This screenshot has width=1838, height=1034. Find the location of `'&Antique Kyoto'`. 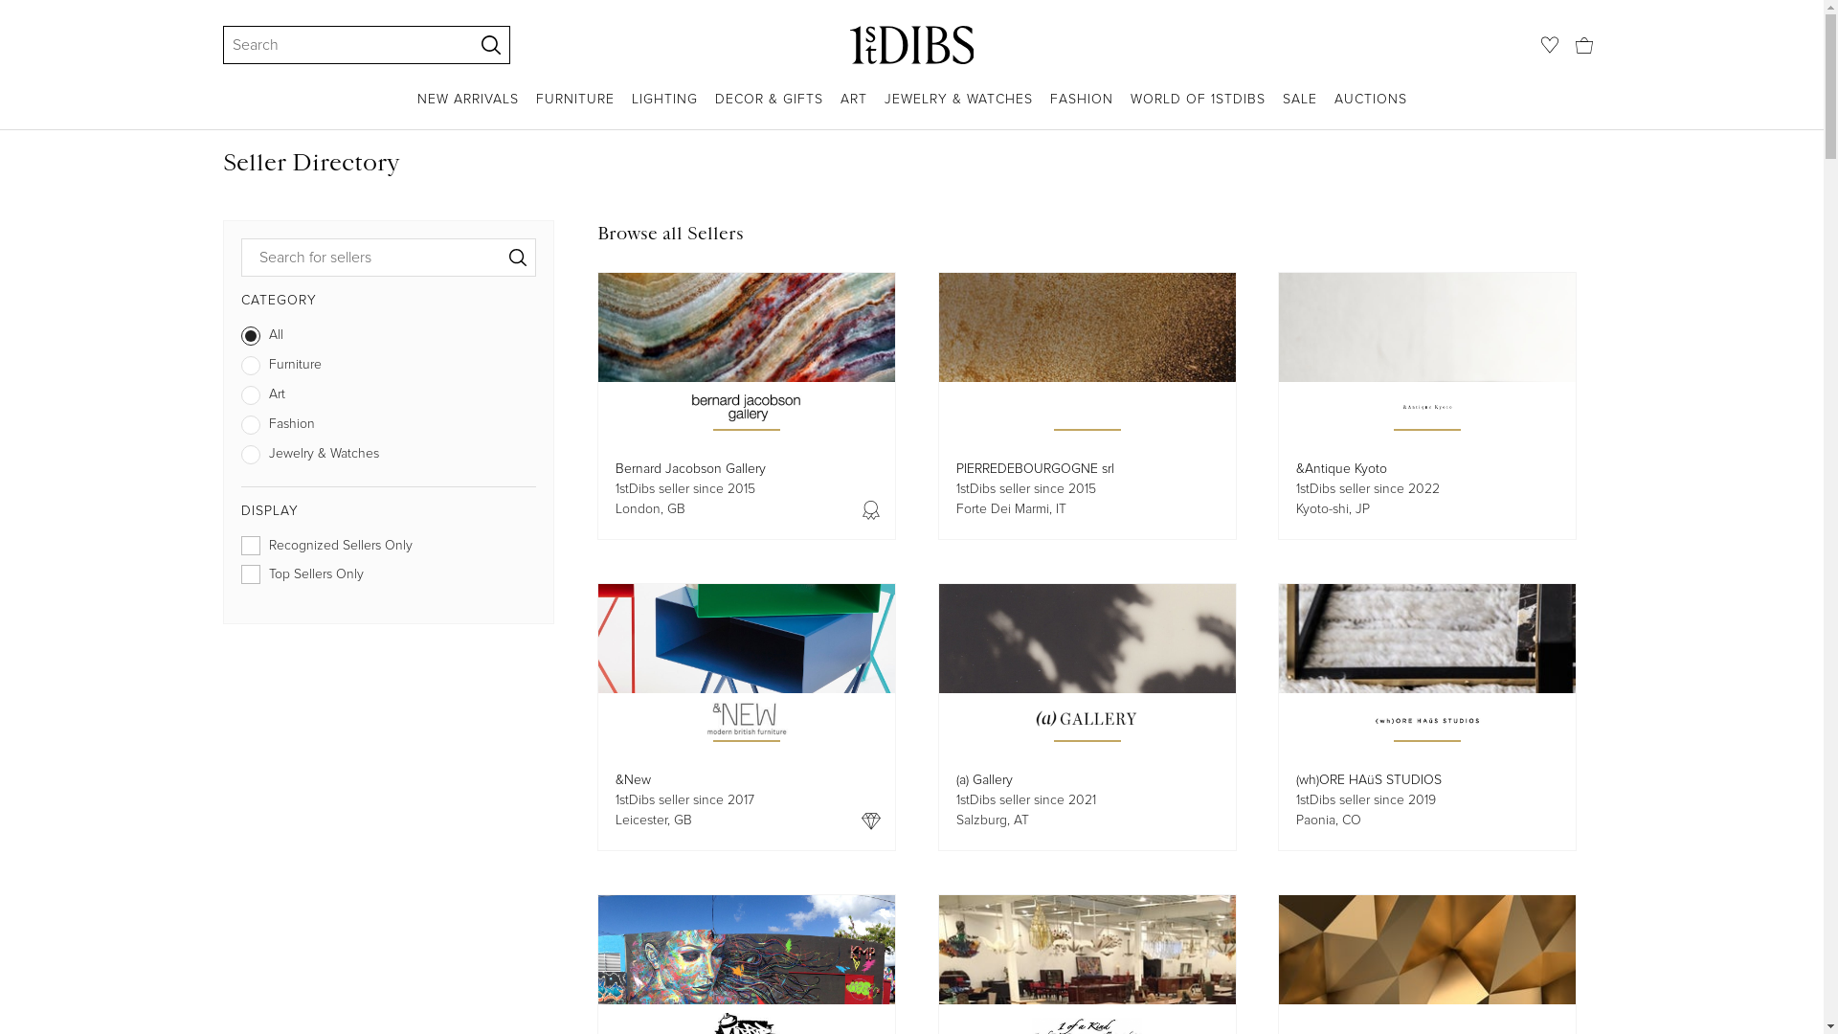

'&Antique Kyoto' is located at coordinates (1340, 468).